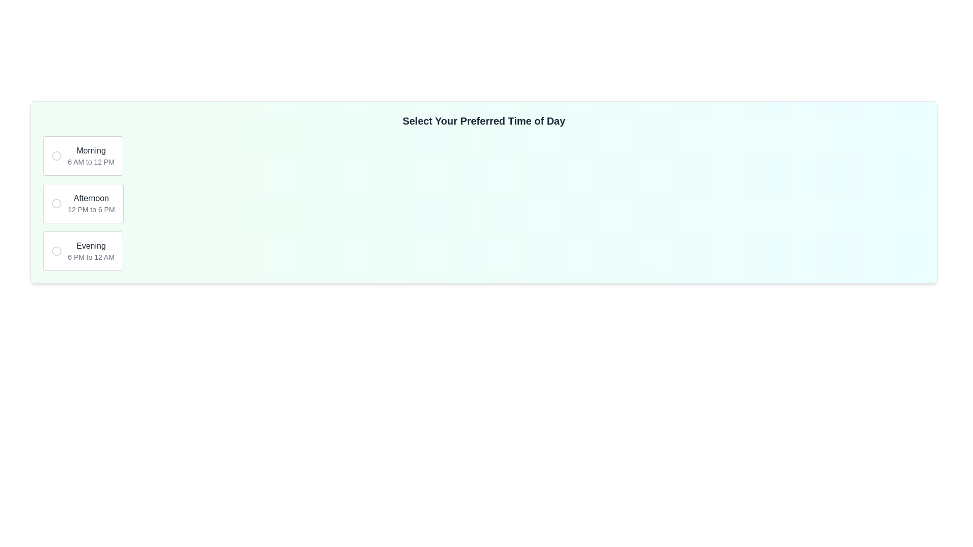 This screenshot has width=973, height=547. Describe the element at coordinates (91, 156) in the screenshot. I see `the 'Morning' label associated with the selectable radio button, which is the first option in the time period selection list` at that location.